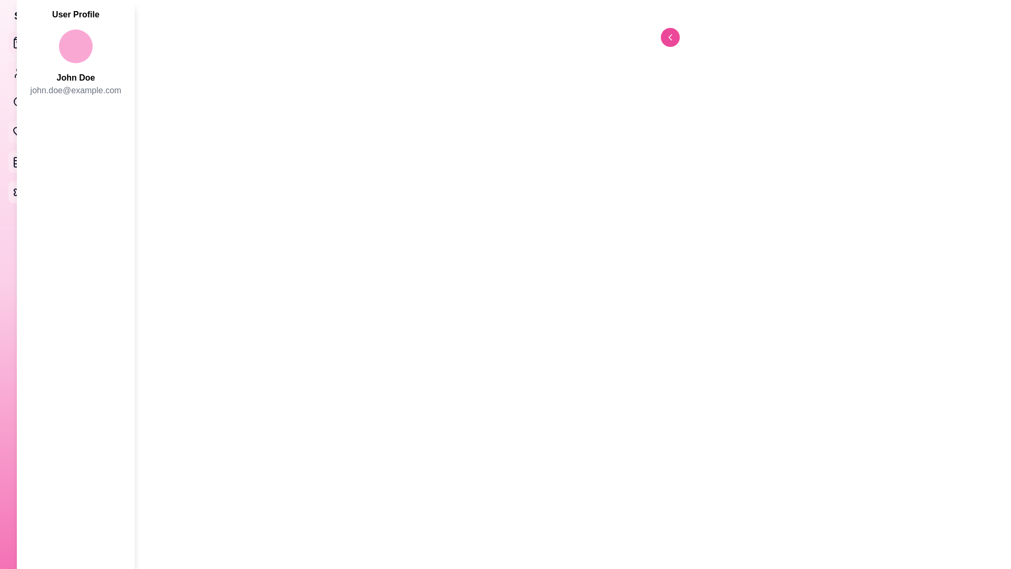  Describe the element at coordinates (18, 131) in the screenshot. I see `the heart icon located in the left sidebar, positioned below the user profile section and above a list of options` at that location.